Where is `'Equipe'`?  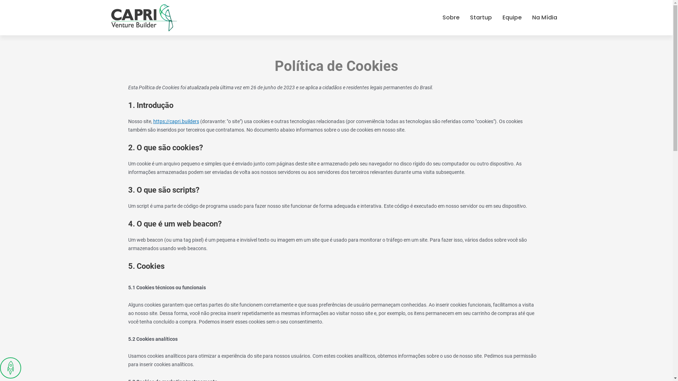 'Equipe' is located at coordinates (512, 17).